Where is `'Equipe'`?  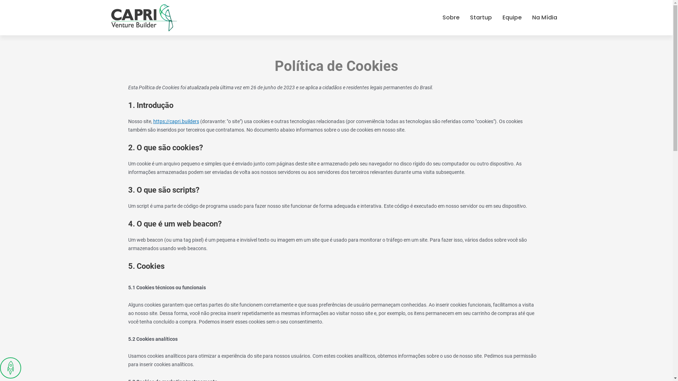 'Equipe' is located at coordinates (512, 17).